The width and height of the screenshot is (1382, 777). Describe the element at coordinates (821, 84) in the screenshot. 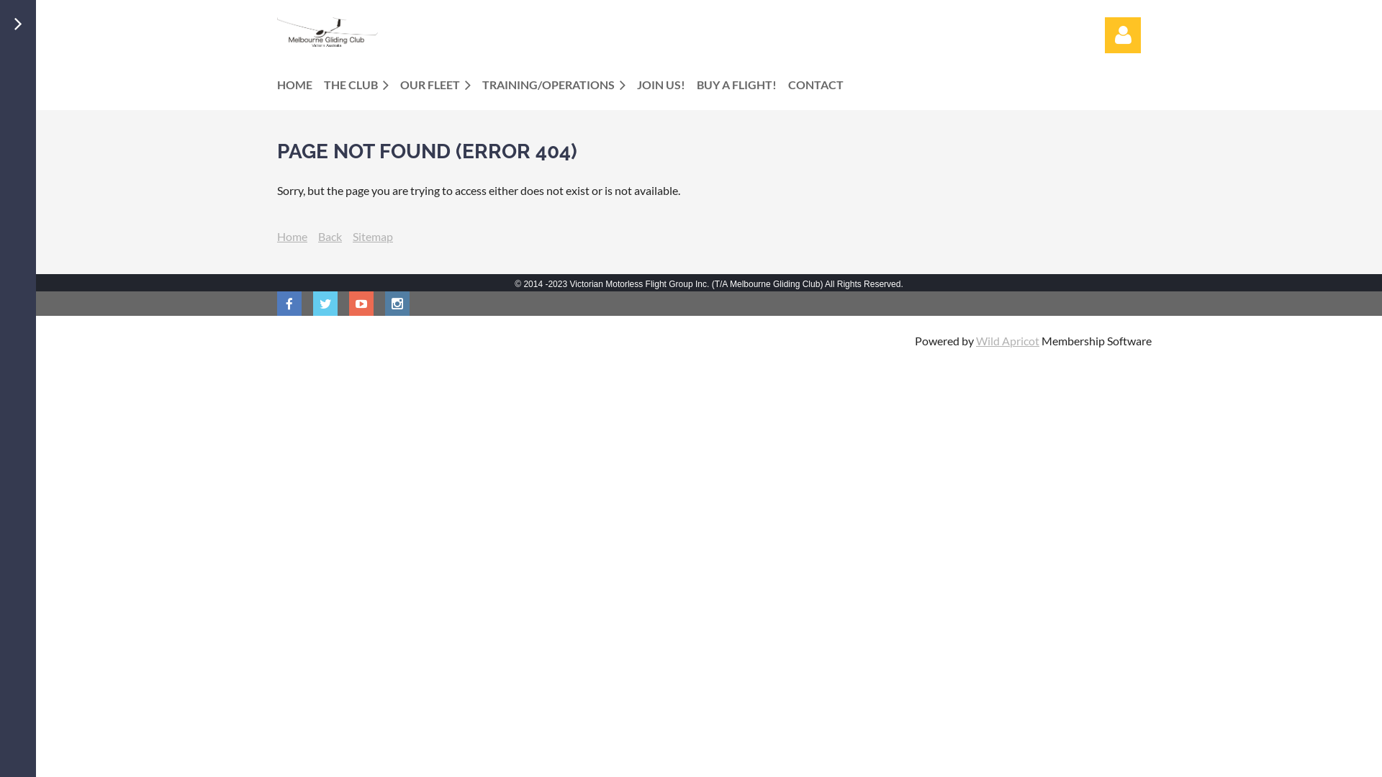

I see `'CONTACT'` at that location.